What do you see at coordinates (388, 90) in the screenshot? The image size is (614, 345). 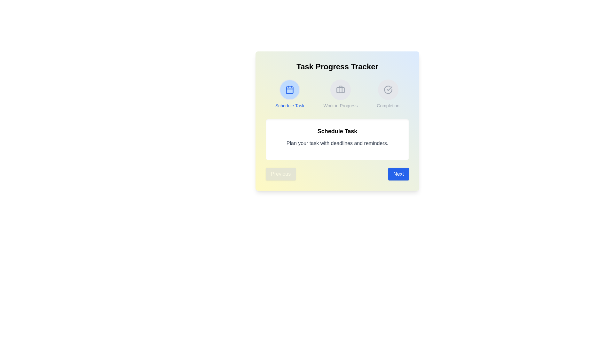 I see `the step icon corresponding to Completion` at bounding box center [388, 90].